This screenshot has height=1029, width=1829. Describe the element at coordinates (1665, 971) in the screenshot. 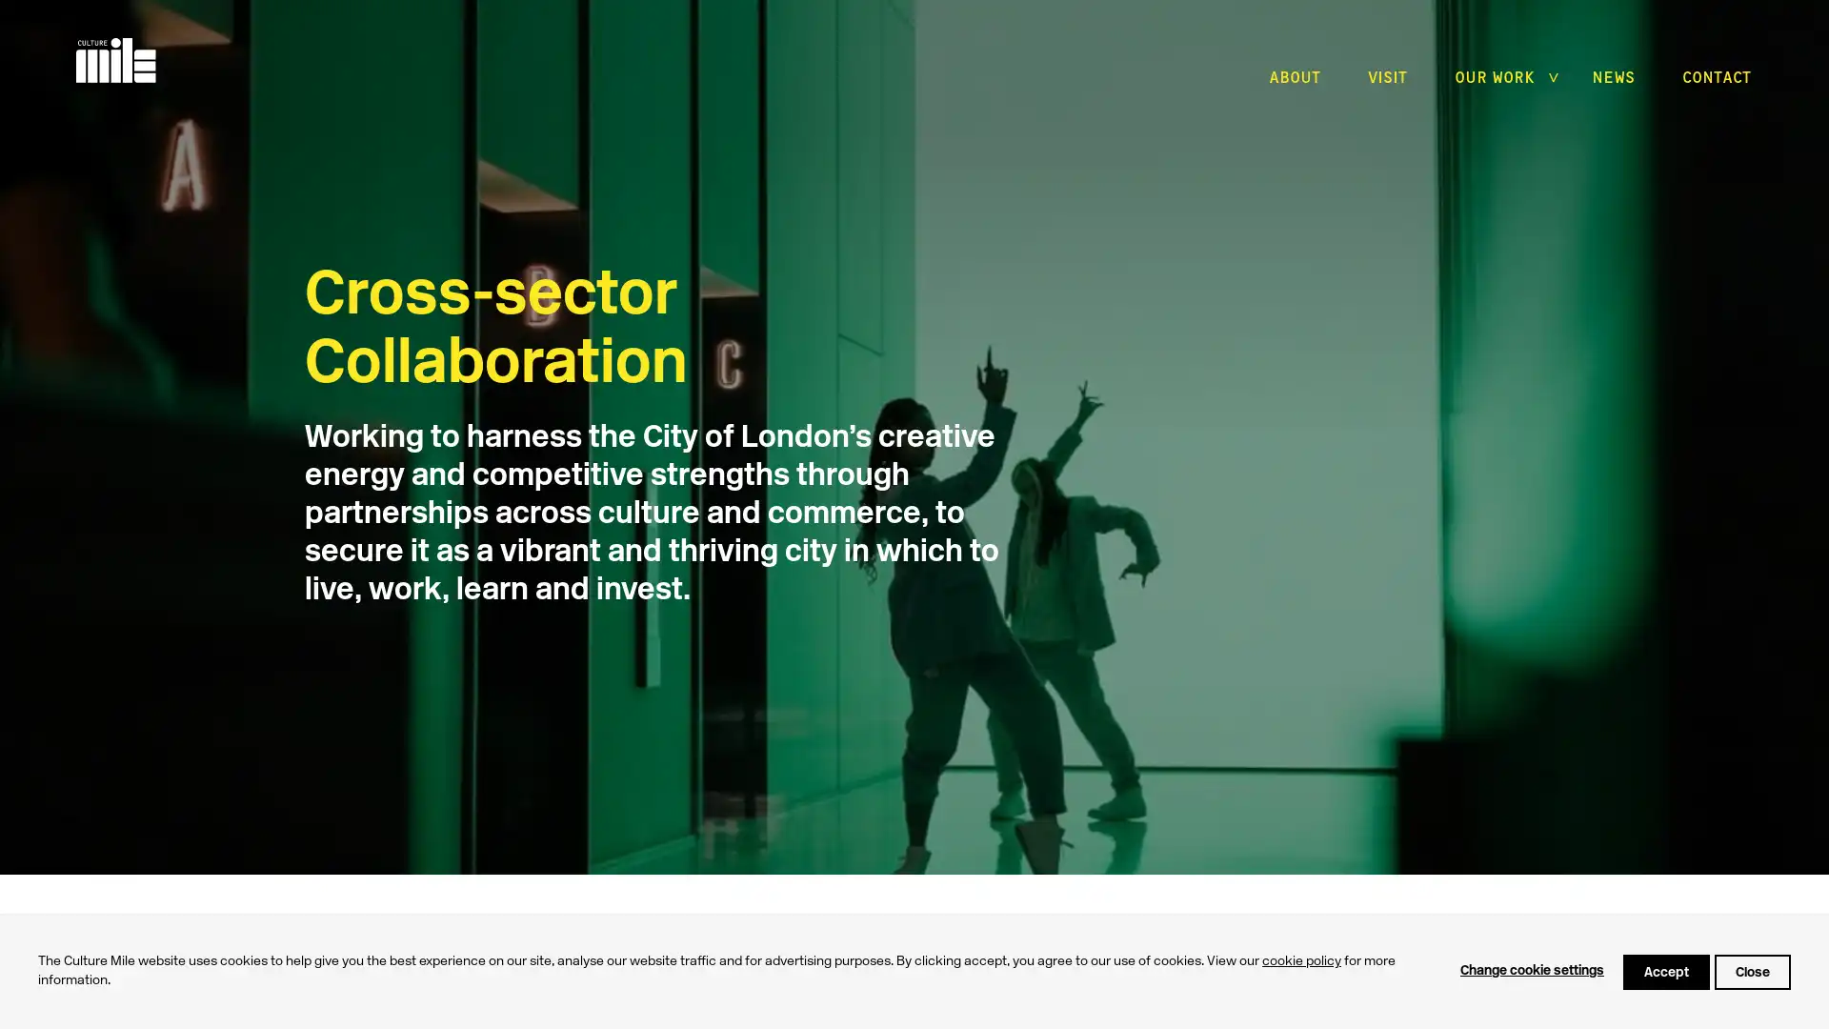

I see `Accept` at that location.